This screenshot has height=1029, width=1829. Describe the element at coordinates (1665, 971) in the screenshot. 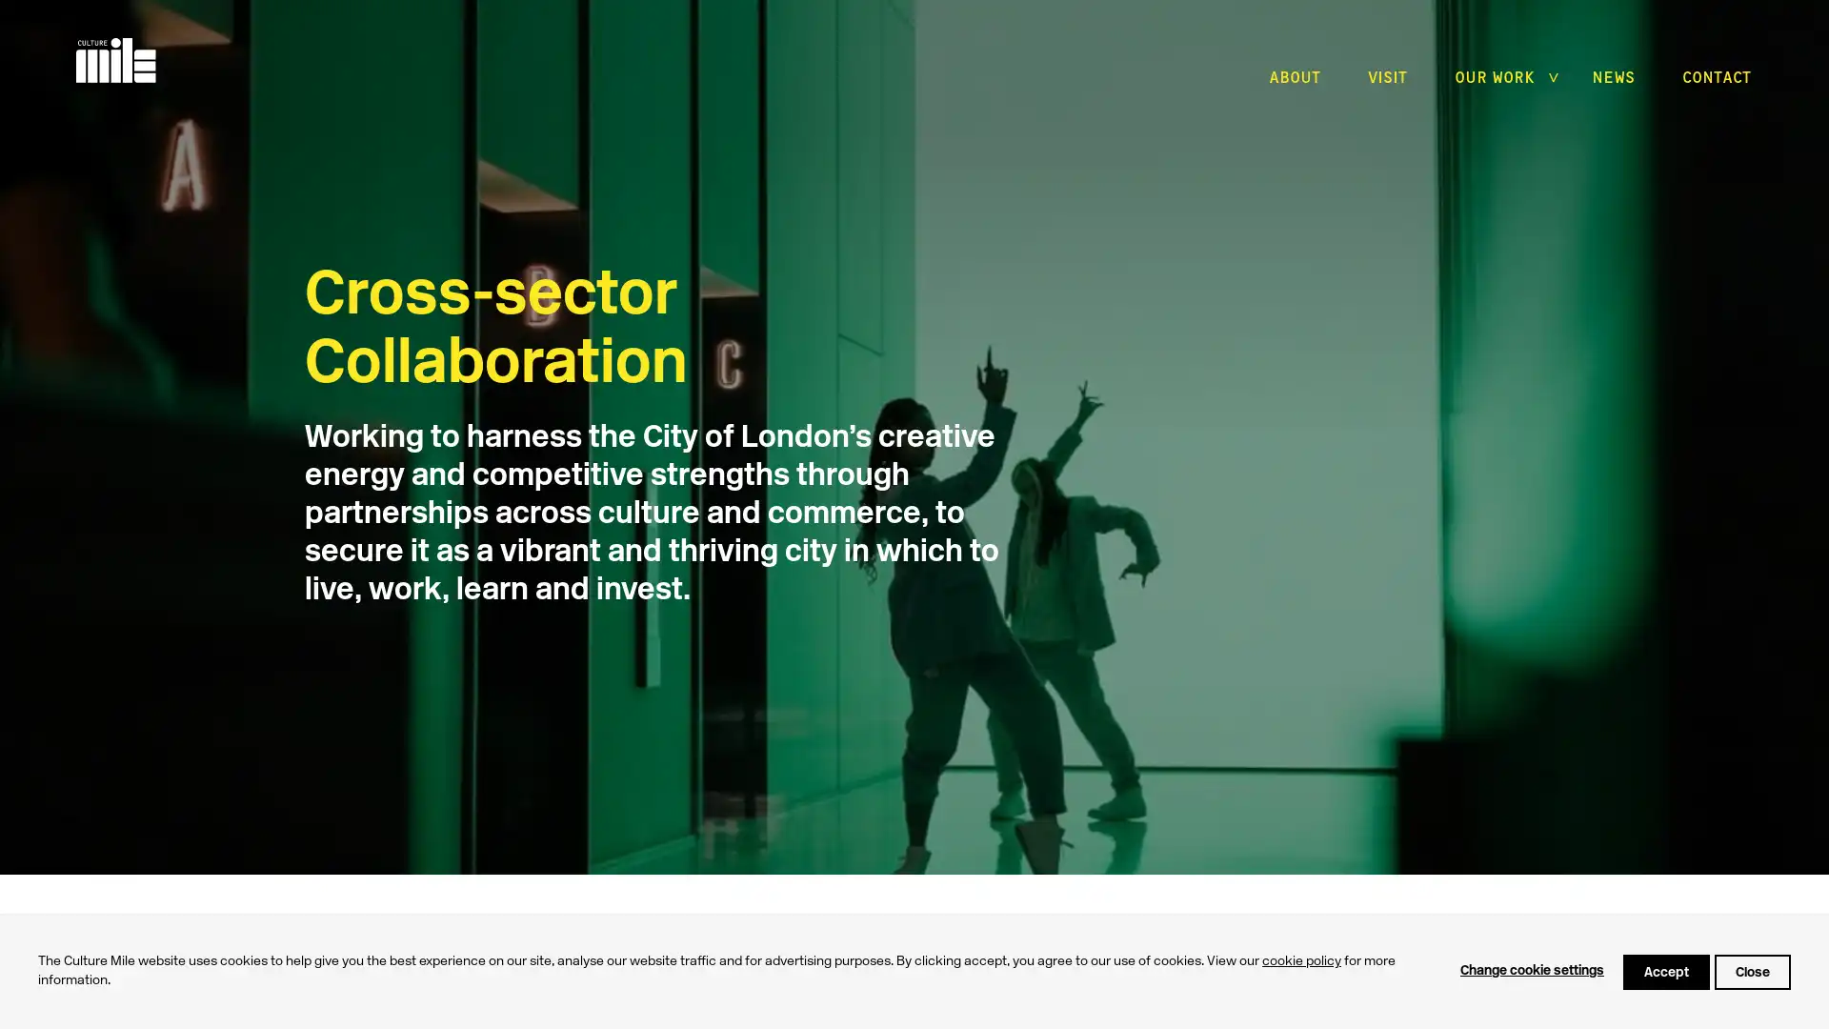

I see `Accept` at that location.